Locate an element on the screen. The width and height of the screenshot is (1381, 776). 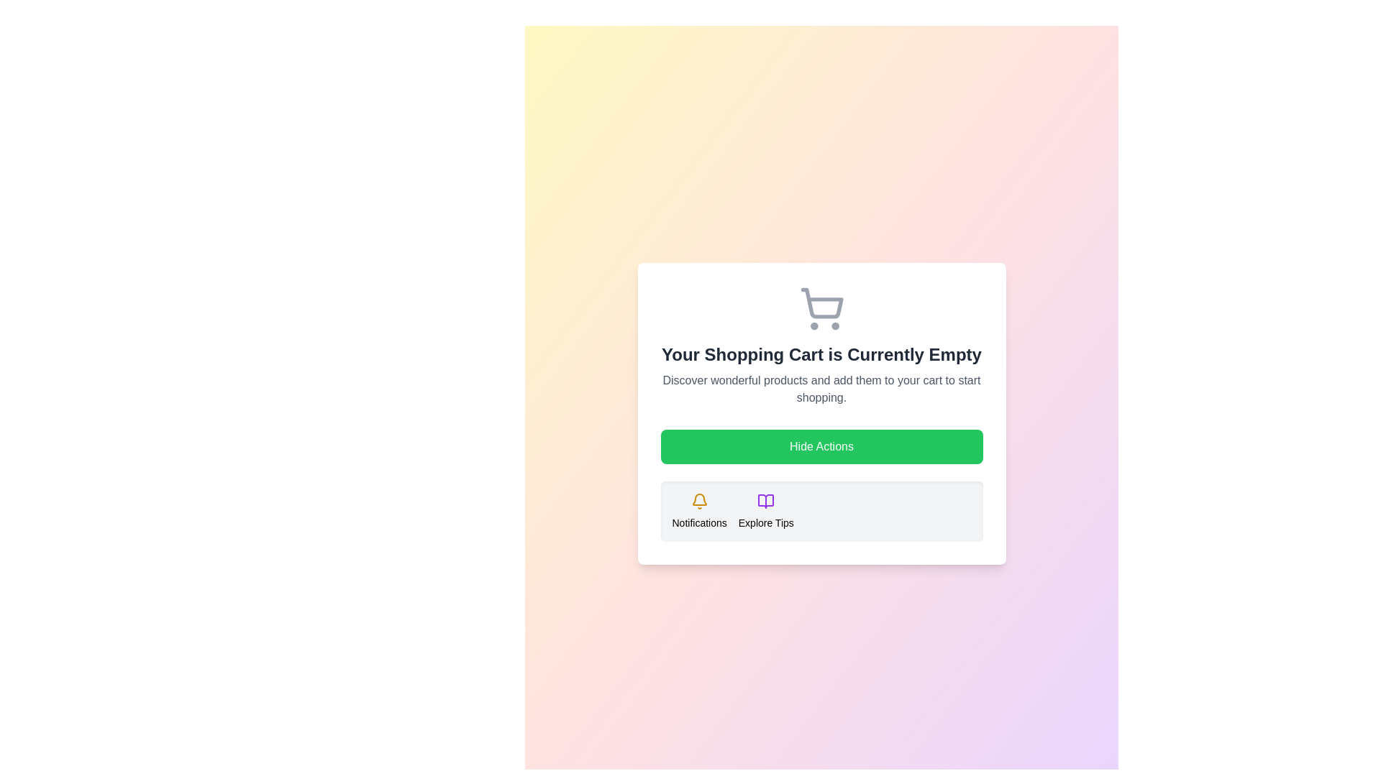
bold, large text block that states 'Your Shopping Cart is Currently Empty', which is styled in dark gray and is located in the center of the layout is located at coordinates (821, 354).